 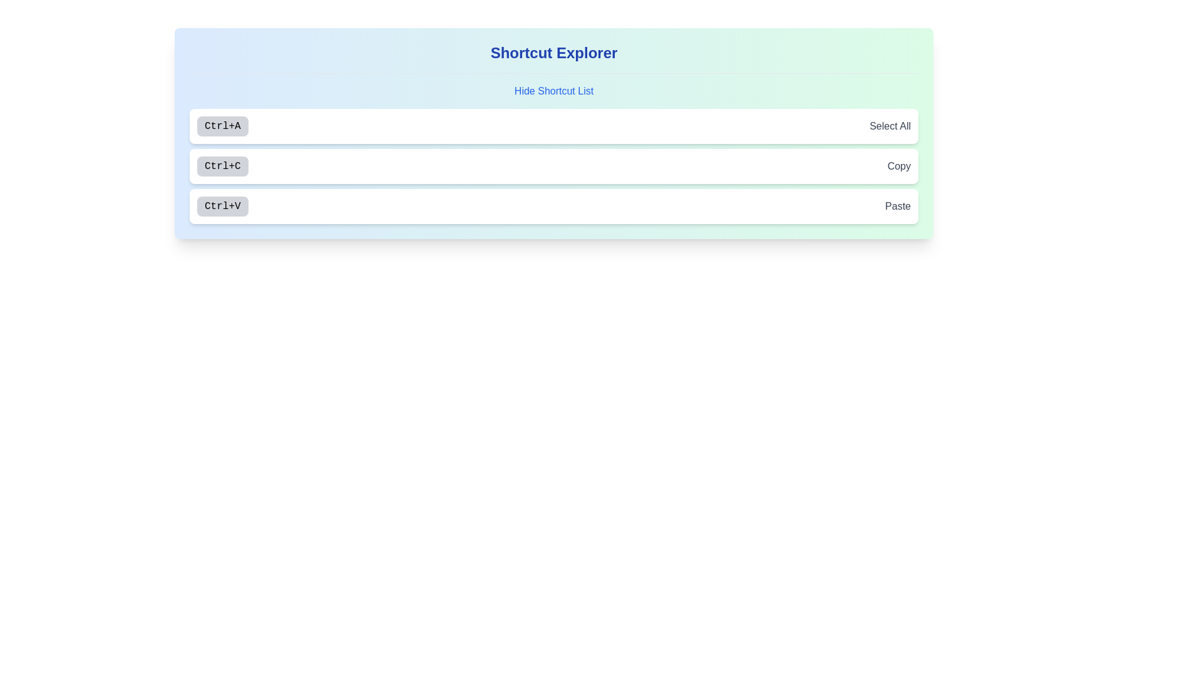 I want to click on the 'Paste' label, which is styled in medium gray and positioned to the right of 'Ctrl+V', within the 'Shortcut Explorer' panel, so click(x=897, y=206).